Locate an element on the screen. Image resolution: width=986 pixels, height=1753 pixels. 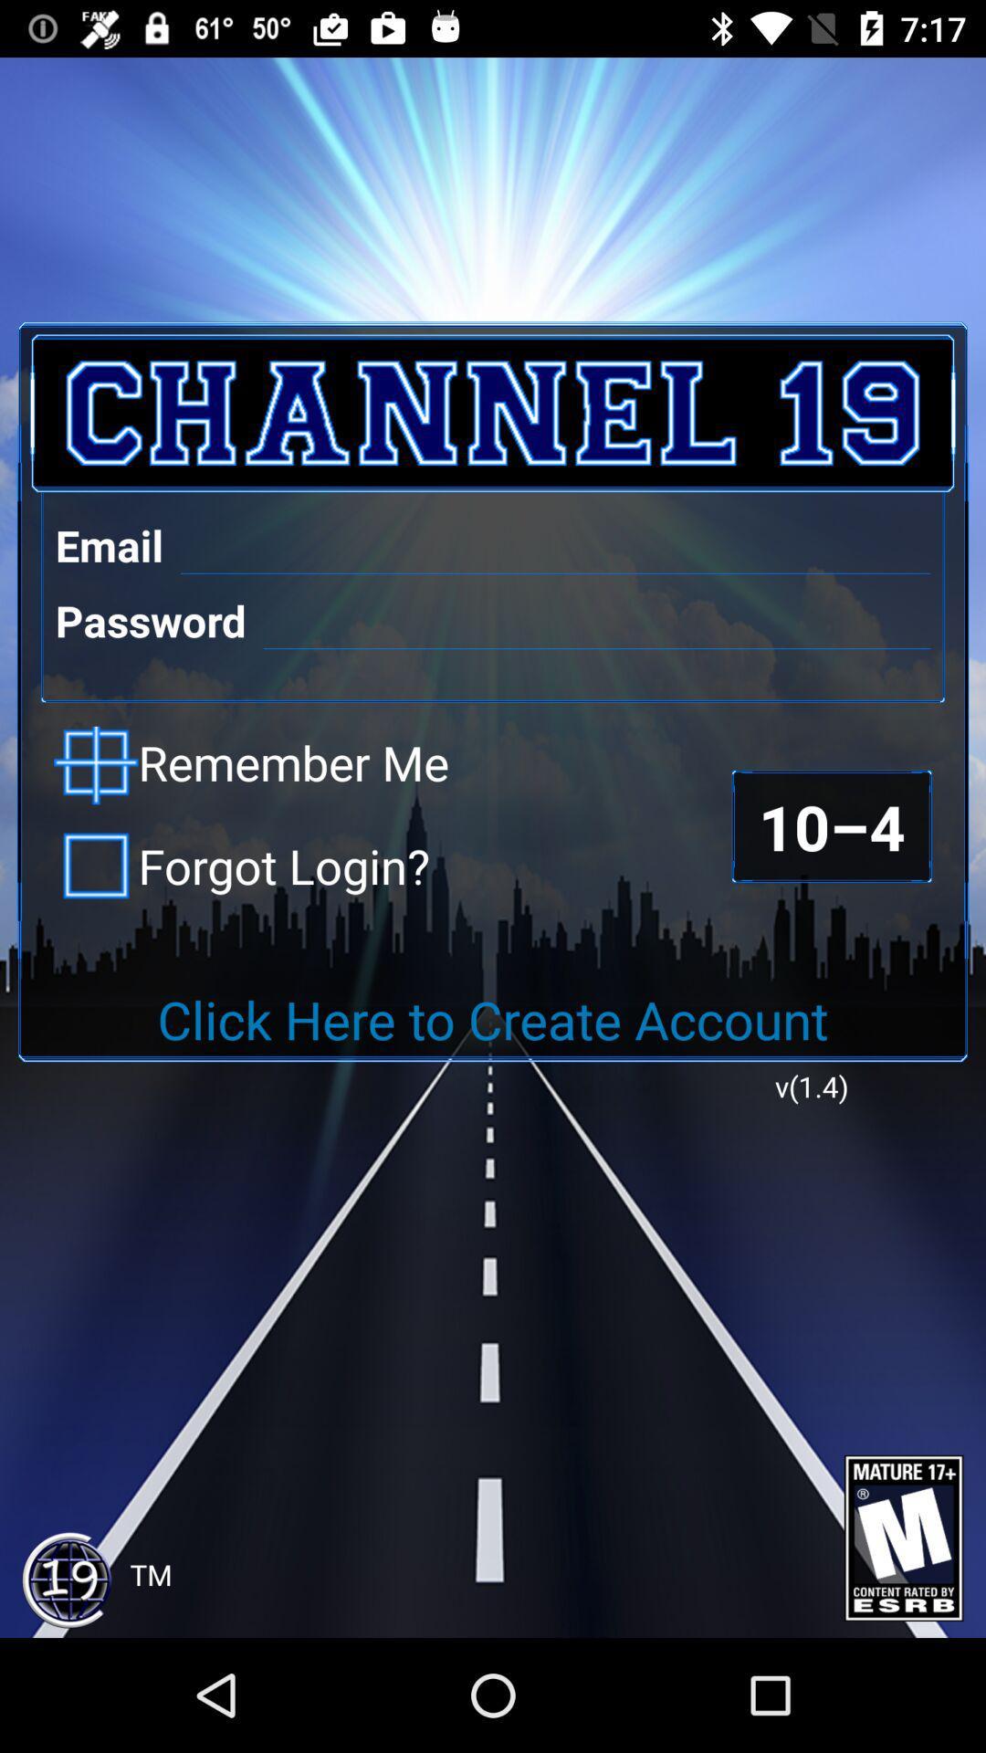
the forgot login? icon is located at coordinates (241, 865).